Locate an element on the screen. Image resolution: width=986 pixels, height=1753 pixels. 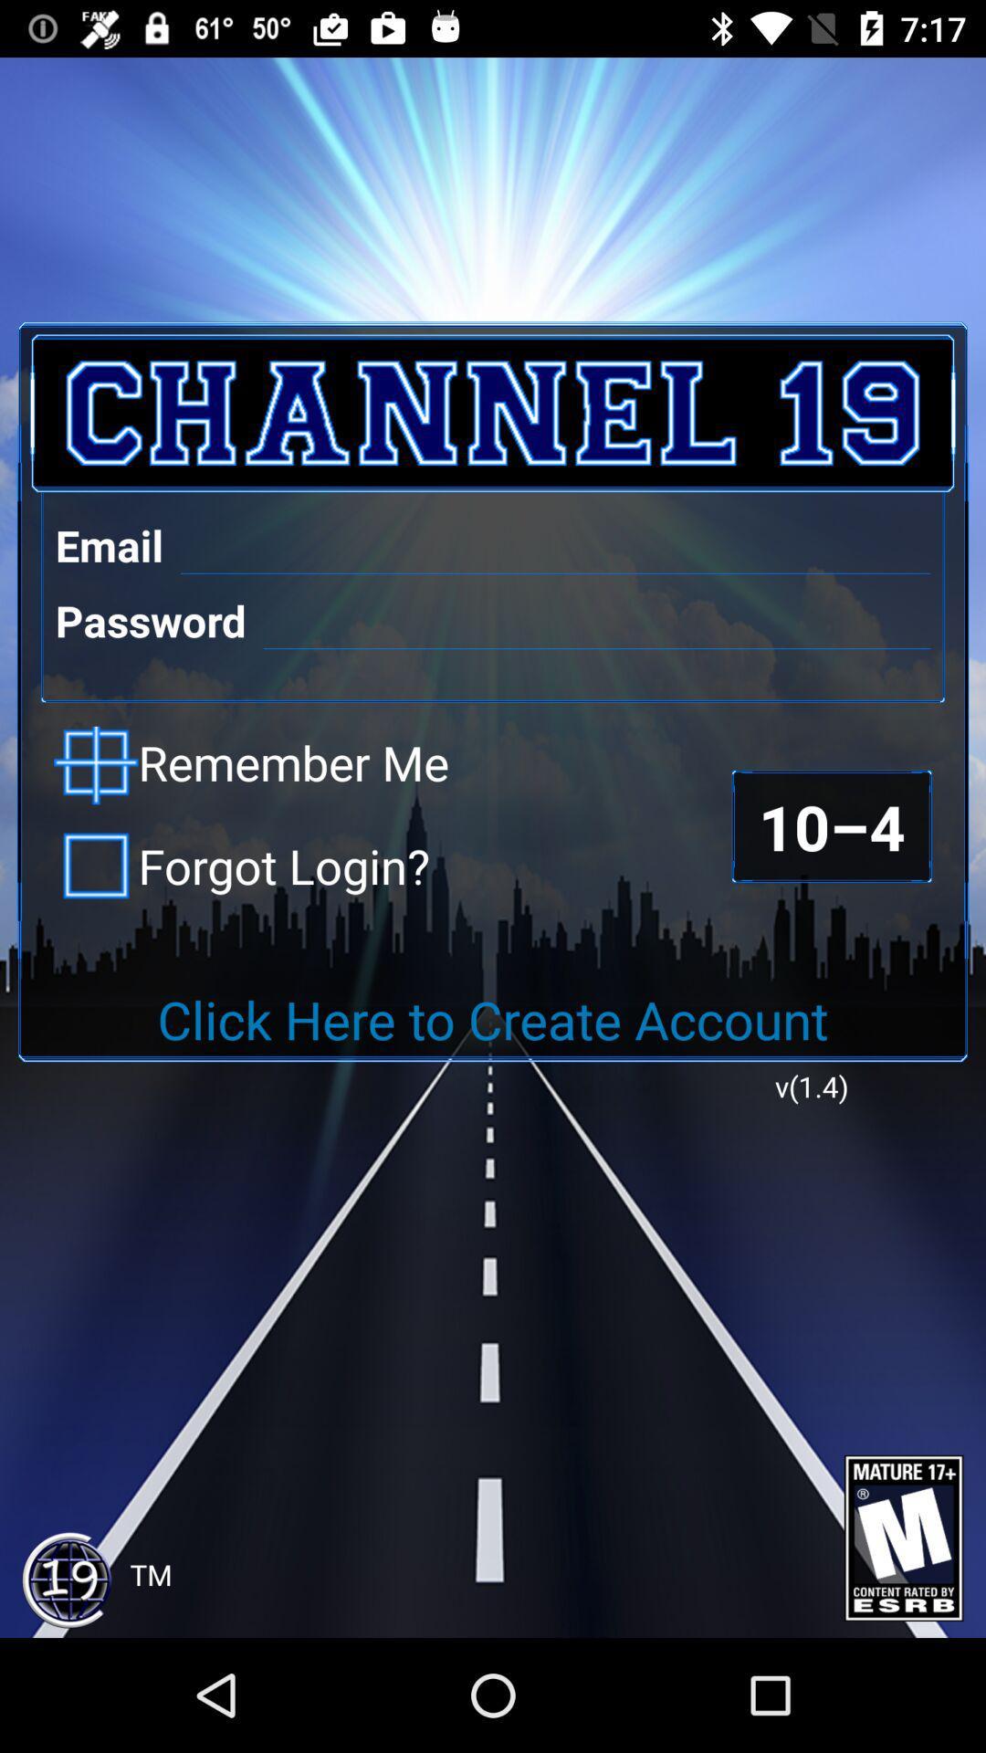
the forgot login? icon is located at coordinates (241, 865).